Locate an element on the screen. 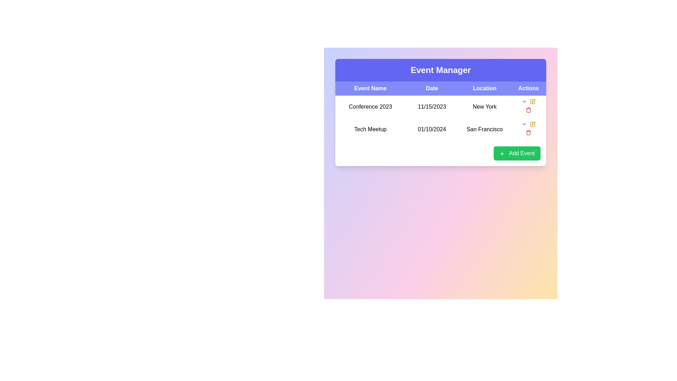 The image size is (677, 381). the static text label that displays 'Actions' in white, located at the far right of the table header row with a light blue background is located at coordinates (529, 88).